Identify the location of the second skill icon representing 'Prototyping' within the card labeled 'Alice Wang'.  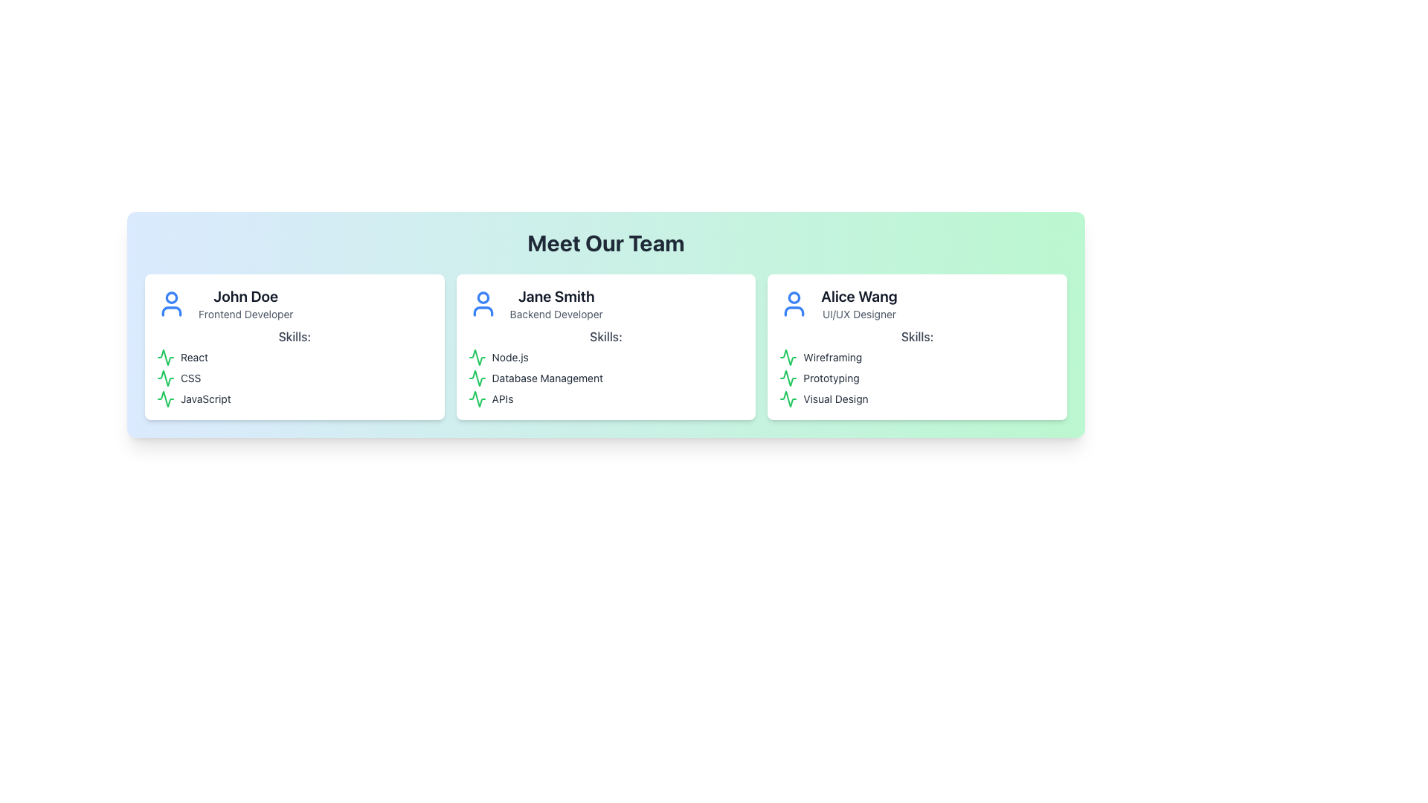
(788, 378).